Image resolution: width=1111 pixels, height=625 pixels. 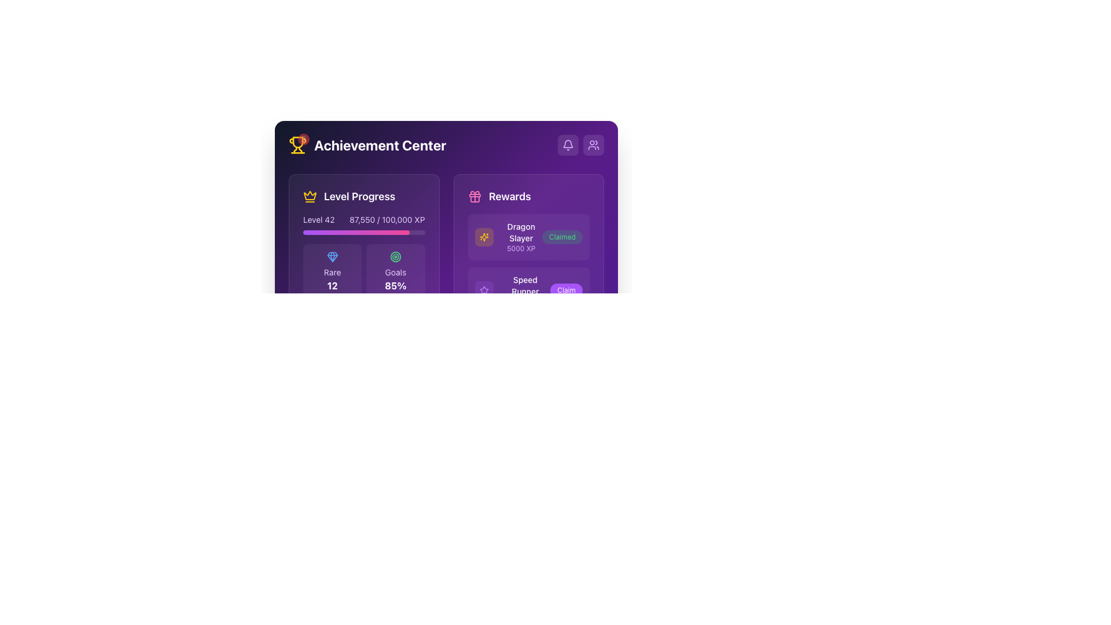 What do you see at coordinates (310, 195) in the screenshot?
I see `the achievement icon representing progress in the 'Level Progress' section, located at the top-left corner of the interface` at bounding box center [310, 195].